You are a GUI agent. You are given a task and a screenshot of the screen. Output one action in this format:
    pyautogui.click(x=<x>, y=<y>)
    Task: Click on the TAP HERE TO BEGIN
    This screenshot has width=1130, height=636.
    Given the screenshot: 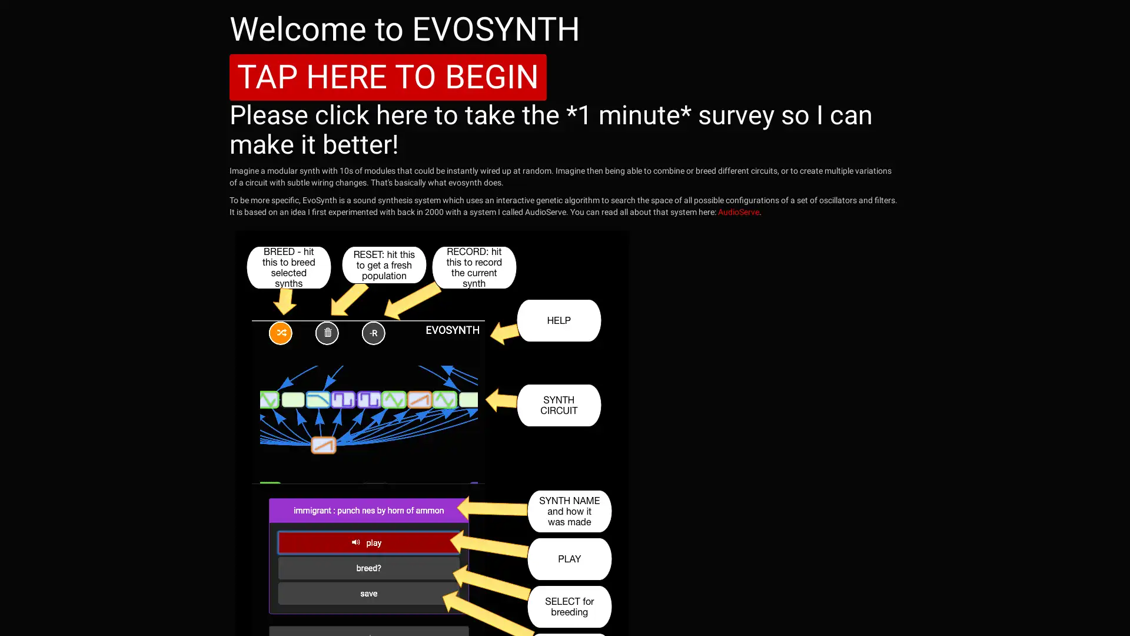 What is the action you would take?
    pyautogui.click(x=388, y=77)
    